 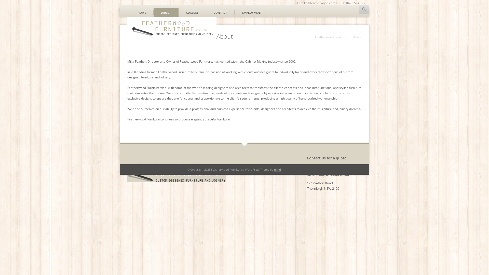 I want to click on 'LINKEDIN', so click(x=353, y=11).